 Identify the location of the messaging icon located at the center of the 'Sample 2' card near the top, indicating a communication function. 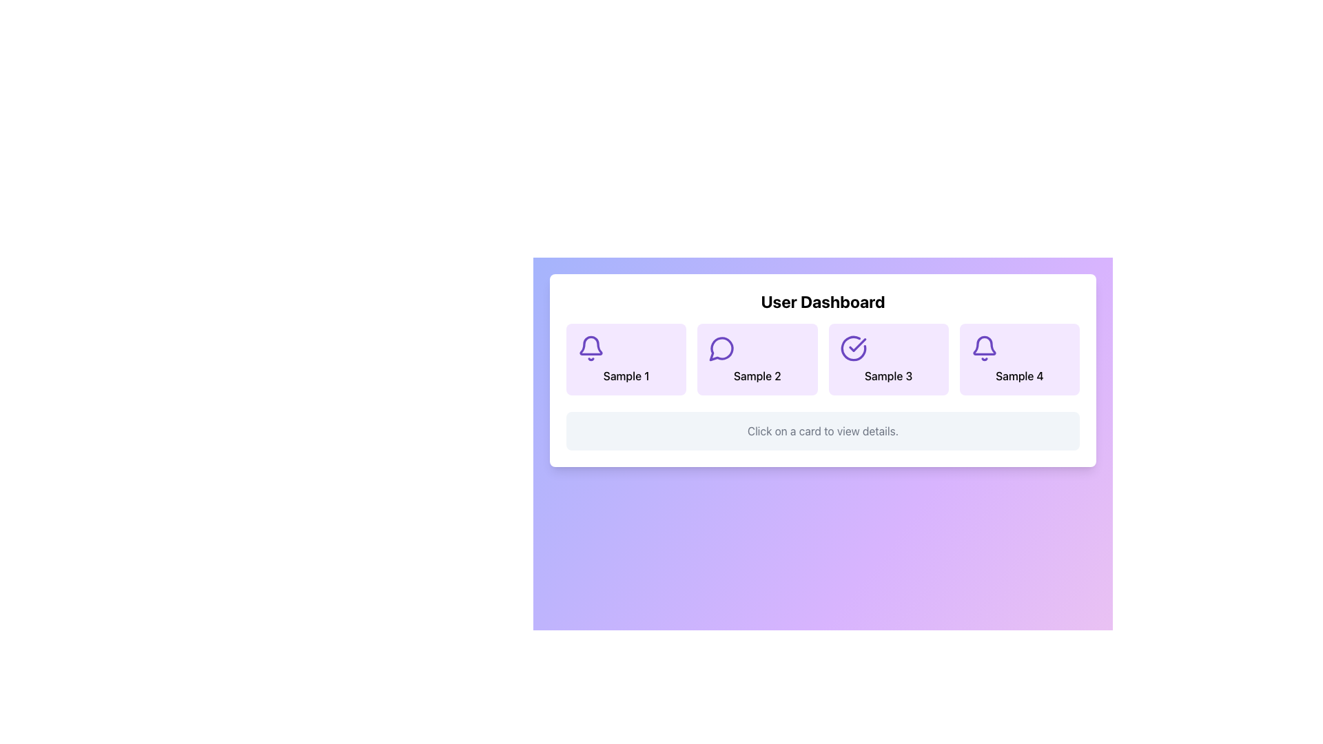
(721, 347).